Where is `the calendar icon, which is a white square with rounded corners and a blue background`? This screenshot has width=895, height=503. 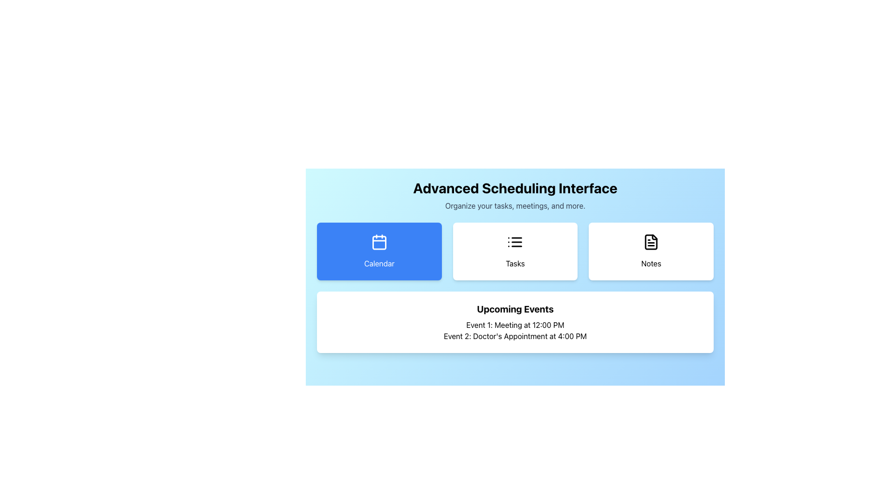
the calendar icon, which is a white square with rounded corners and a blue background is located at coordinates (379, 242).